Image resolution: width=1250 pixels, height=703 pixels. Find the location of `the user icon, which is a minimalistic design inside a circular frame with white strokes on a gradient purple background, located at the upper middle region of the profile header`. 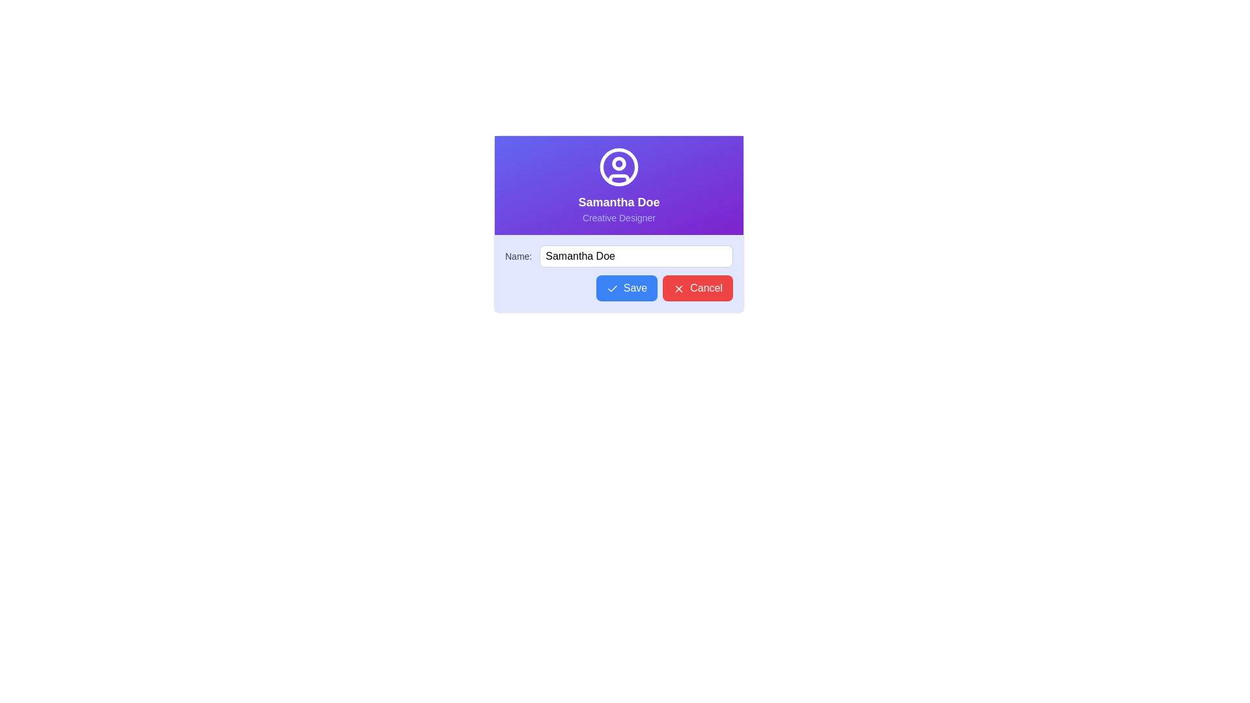

the user icon, which is a minimalistic design inside a circular frame with white strokes on a gradient purple background, located at the upper middle region of the profile header is located at coordinates (618, 169).